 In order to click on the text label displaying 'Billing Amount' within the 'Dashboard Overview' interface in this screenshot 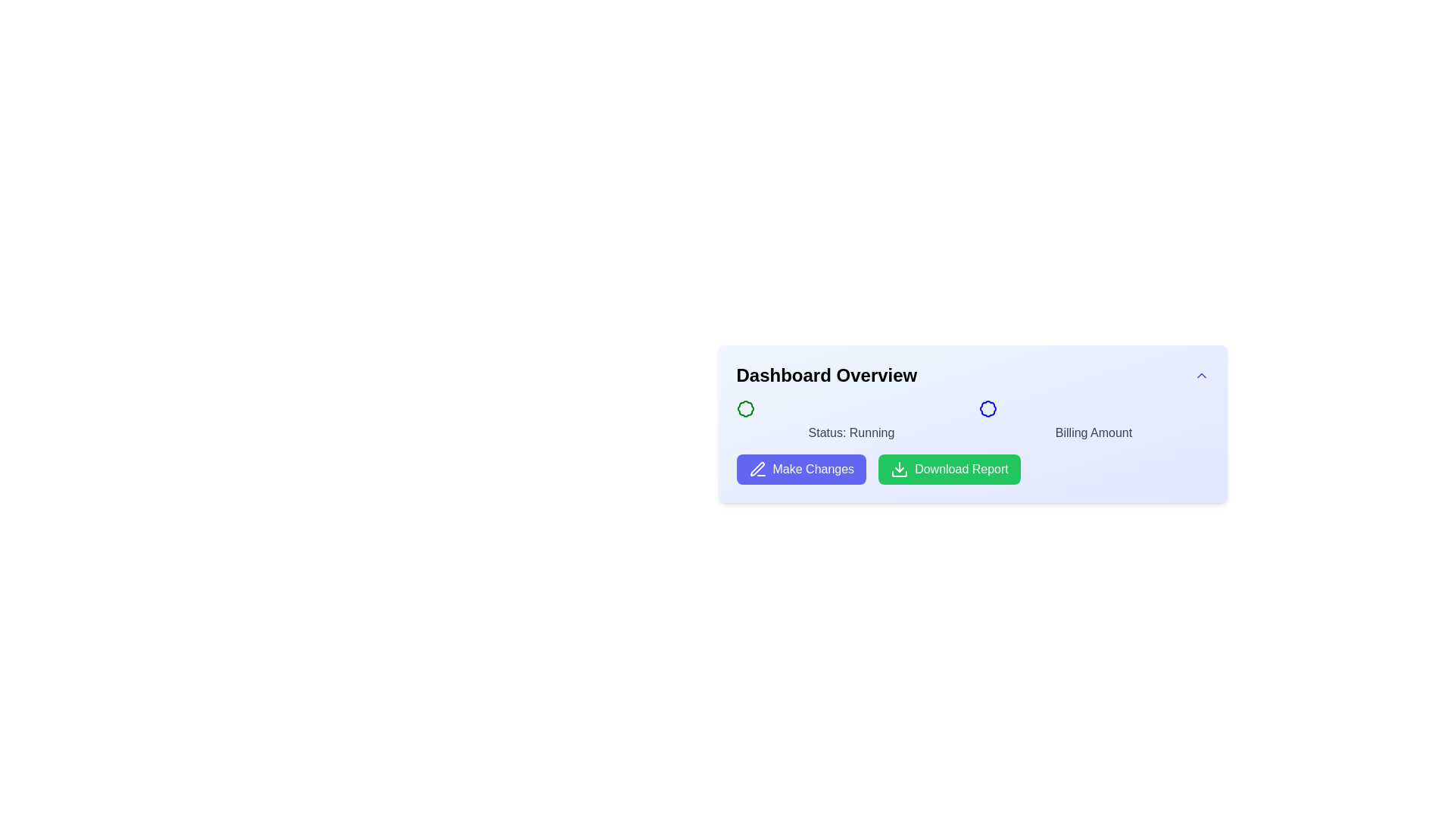, I will do `click(1094, 432)`.